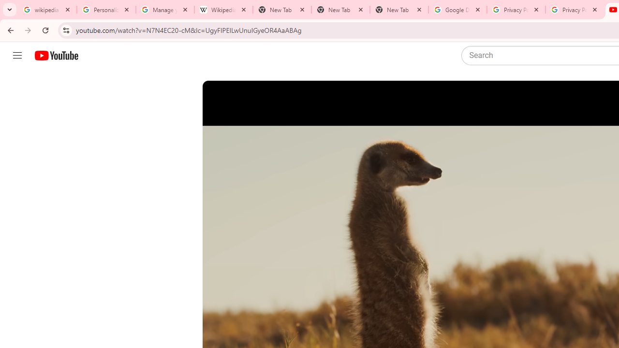  Describe the element at coordinates (399, 10) in the screenshot. I see `'New Tab'` at that location.